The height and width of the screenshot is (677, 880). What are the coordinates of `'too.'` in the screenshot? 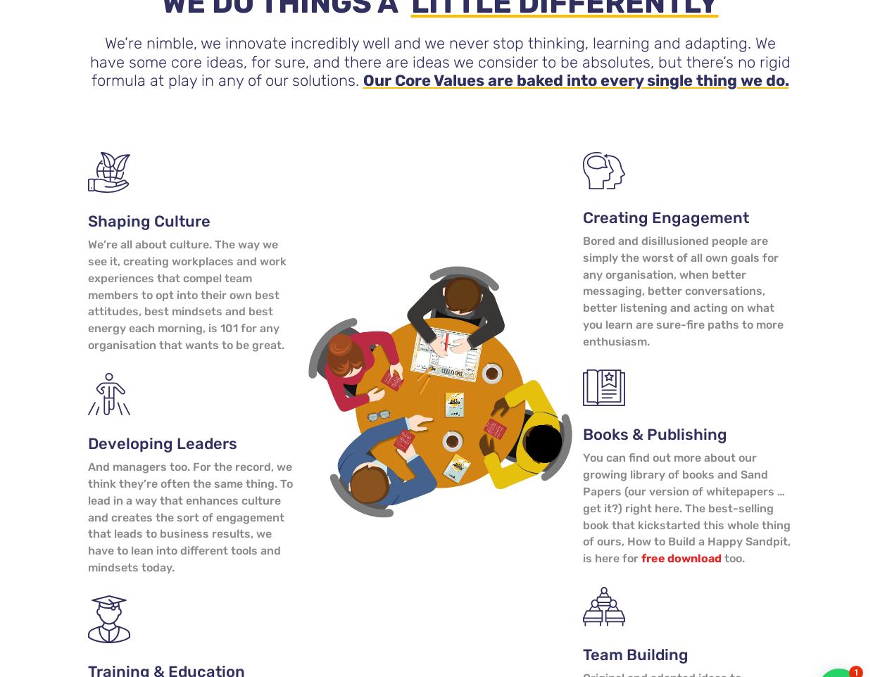 It's located at (722, 557).